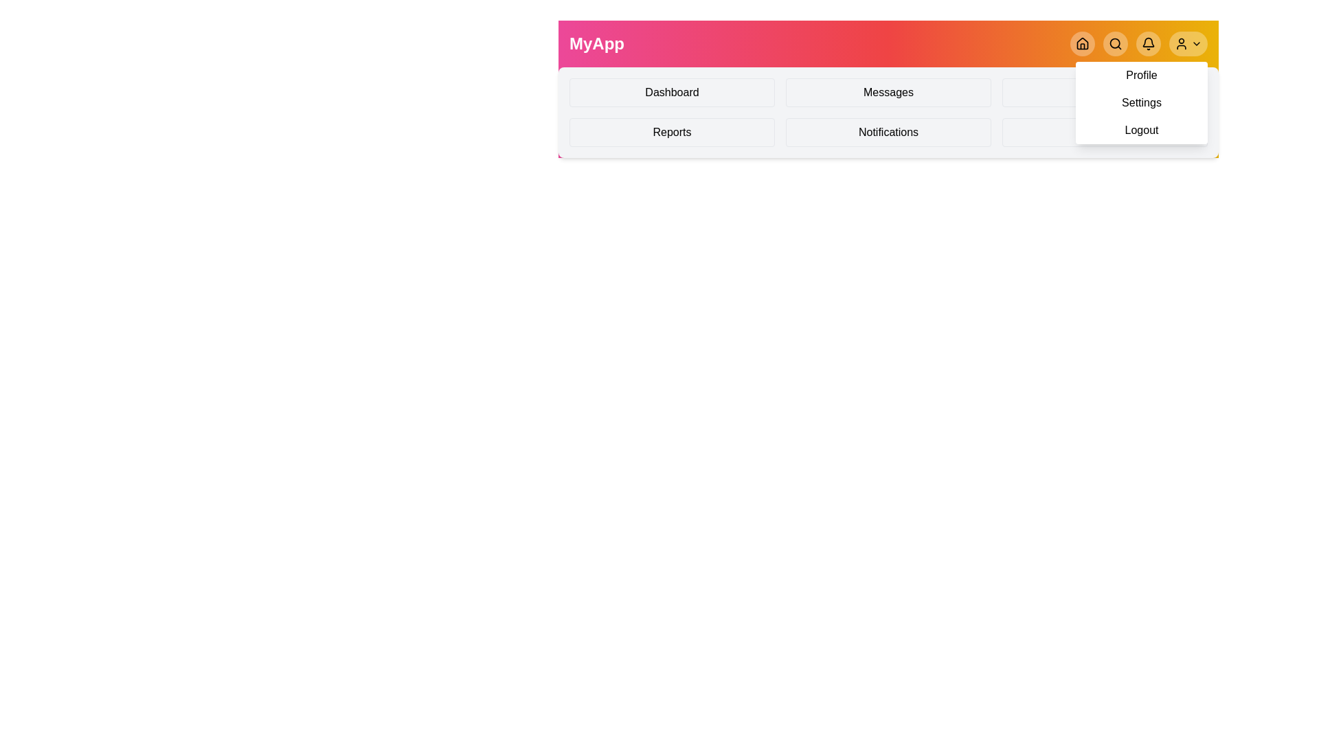  Describe the element at coordinates (1148, 43) in the screenshot. I see `the Notifications button in the navigation bar` at that location.